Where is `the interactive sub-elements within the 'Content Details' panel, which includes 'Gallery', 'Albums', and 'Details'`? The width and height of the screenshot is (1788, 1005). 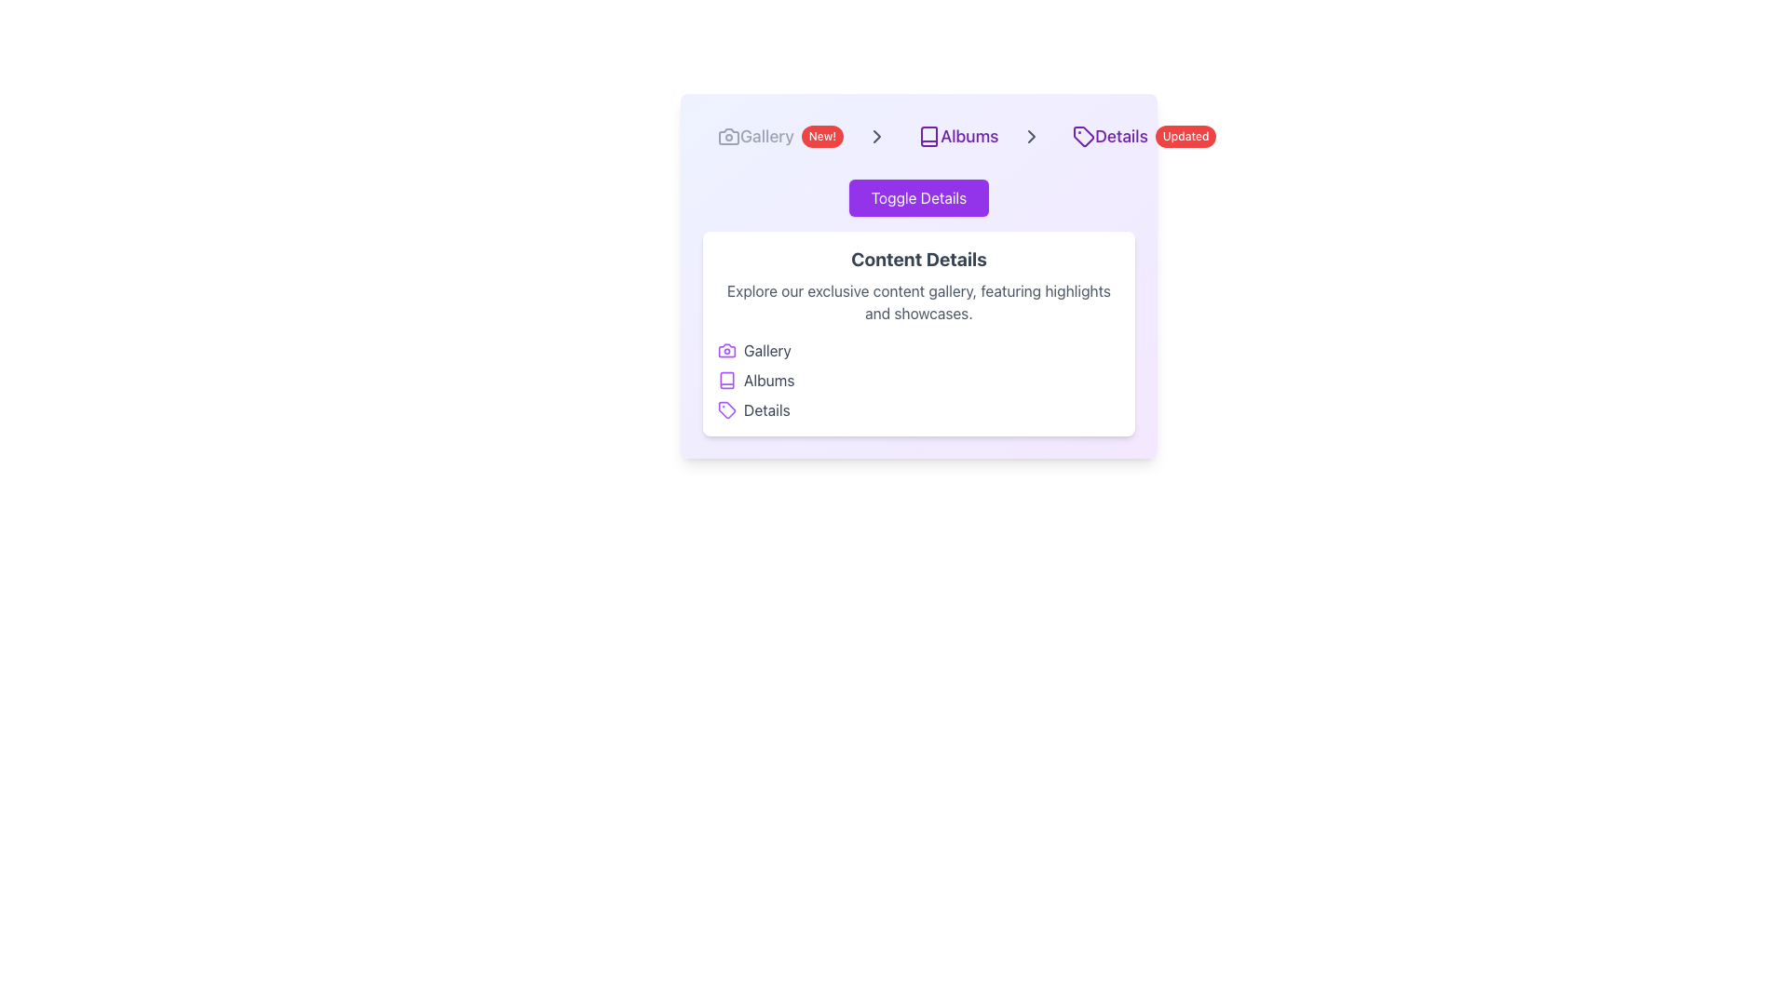 the interactive sub-elements within the 'Content Details' panel, which includes 'Gallery', 'Albums', and 'Details' is located at coordinates (919, 307).